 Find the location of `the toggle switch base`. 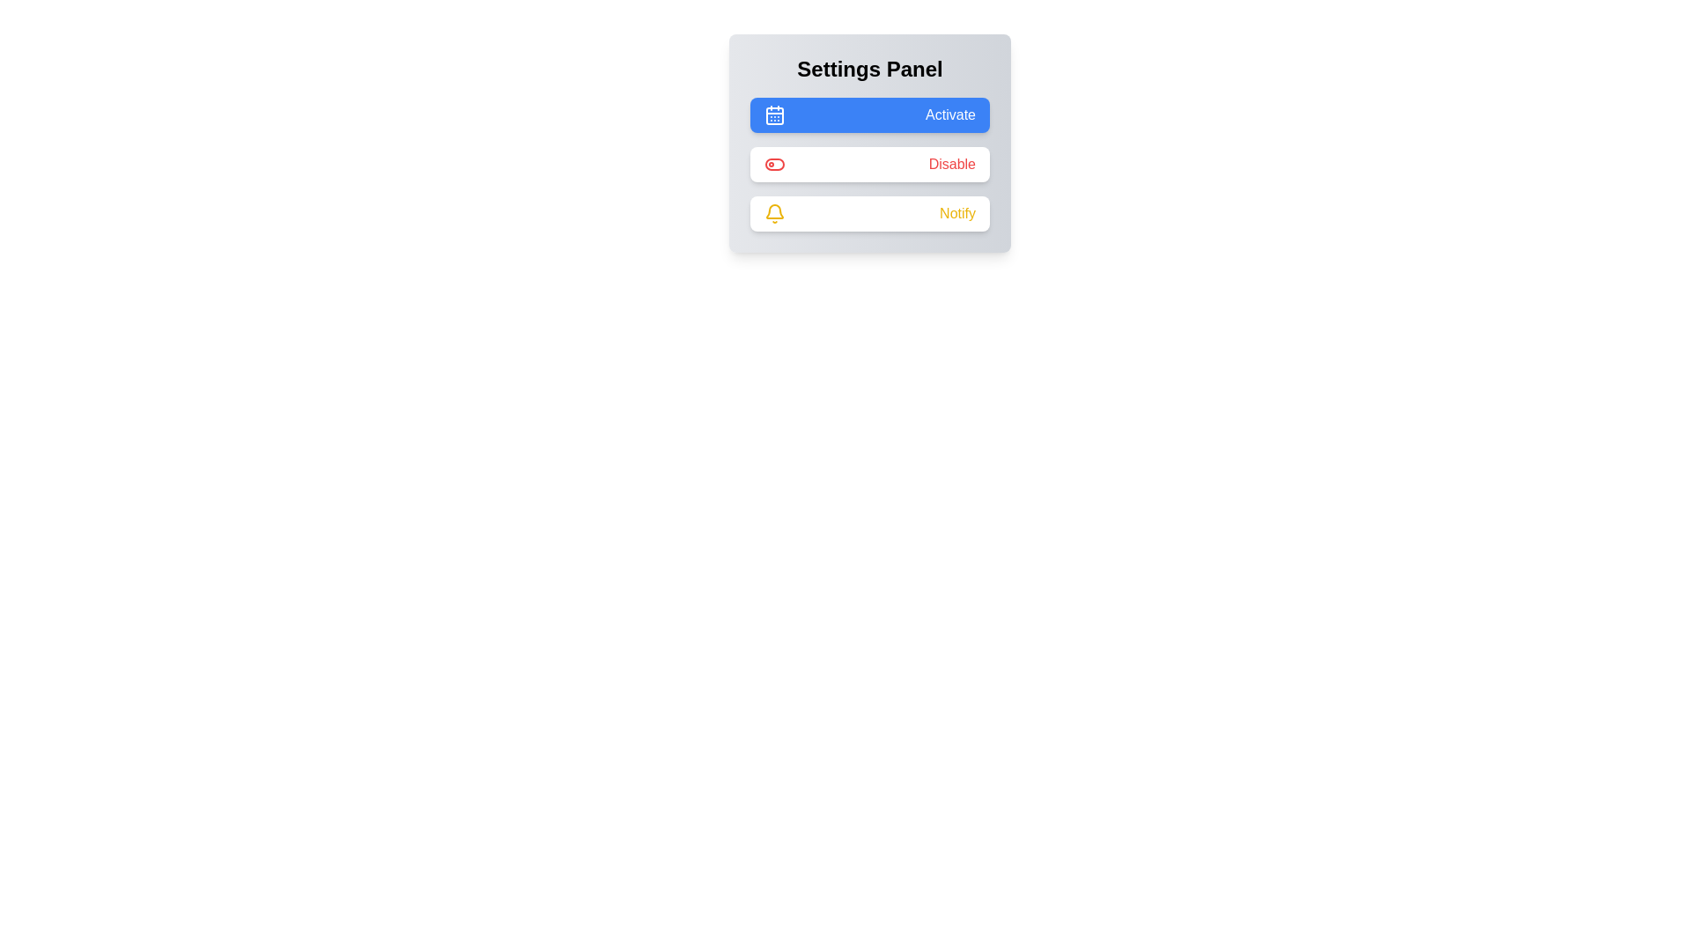

the toggle switch base is located at coordinates (774, 164).